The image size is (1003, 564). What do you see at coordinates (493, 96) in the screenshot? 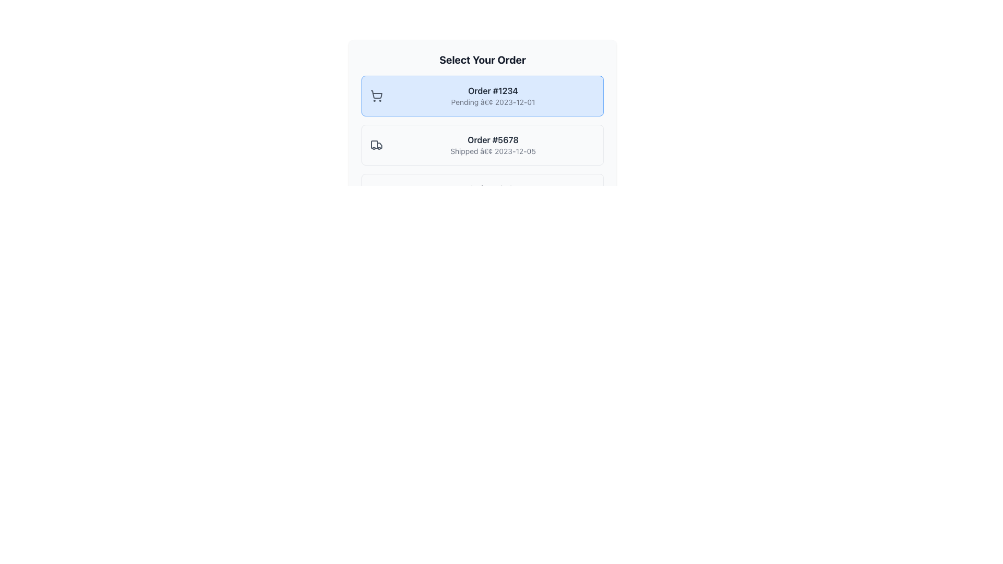
I see `text content from the Text Display that shows 'Order #1234' and 'Pending • 2023-12-01', which is centrally located to the right of a shopping cart icon` at bounding box center [493, 96].